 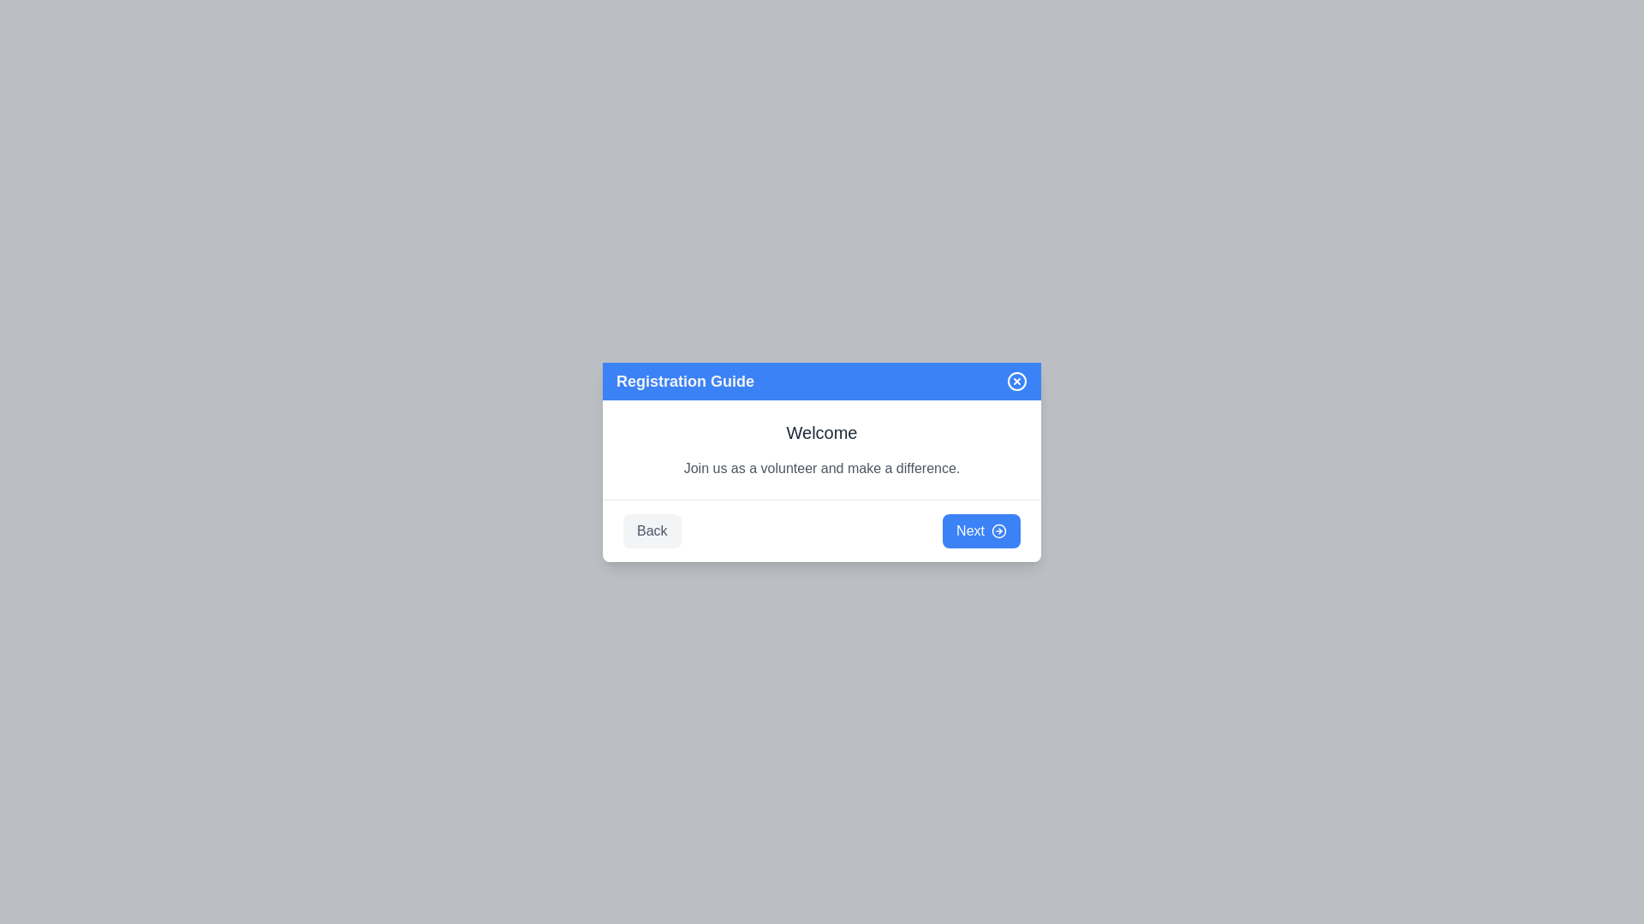 What do you see at coordinates (822, 468) in the screenshot?
I see `the text label displaying 'Join us as a volunteer and make a difference.' which is located below the heading 'Welcome.'` at bounding box center [822, 468].